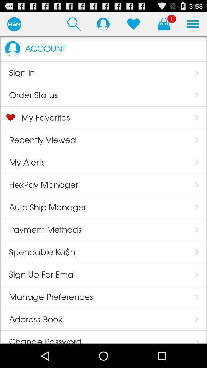 The width and height of the screenshot is (207, 368). What do you see at coordinates (74, 24) in the screenshot?
I see `the icon above the account` at bounding box center [74, 24].